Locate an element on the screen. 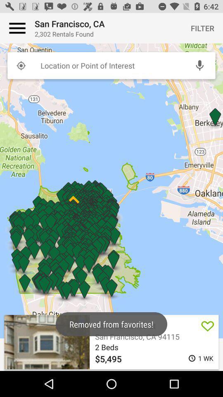  the microphone icon is located at coordinates (199, 65).